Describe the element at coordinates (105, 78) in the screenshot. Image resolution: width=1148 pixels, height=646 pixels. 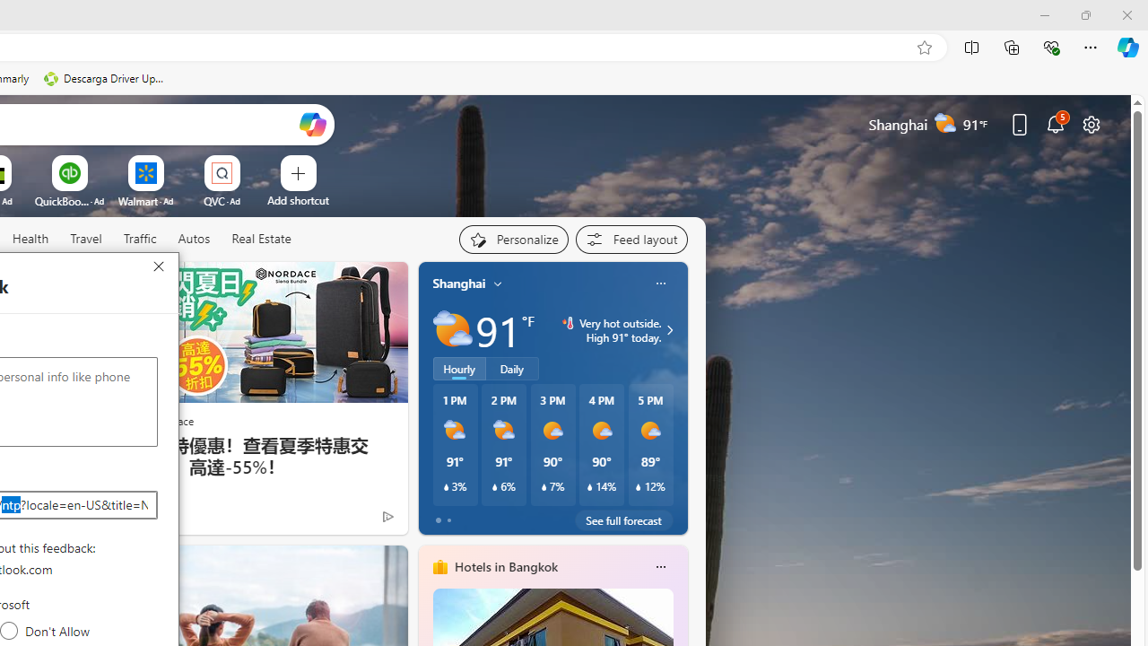
I see `'Descarga Driver Updater'` at that location.